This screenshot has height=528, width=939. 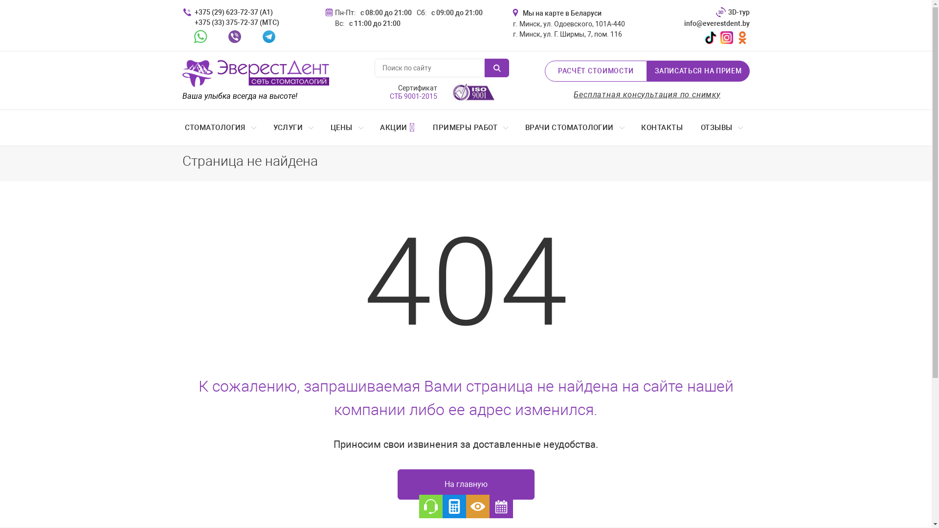 What do you see at coordinates (711, 23) in the screenshot?
I see `'info@everestdent.by'` at bounding box center [711, 23].